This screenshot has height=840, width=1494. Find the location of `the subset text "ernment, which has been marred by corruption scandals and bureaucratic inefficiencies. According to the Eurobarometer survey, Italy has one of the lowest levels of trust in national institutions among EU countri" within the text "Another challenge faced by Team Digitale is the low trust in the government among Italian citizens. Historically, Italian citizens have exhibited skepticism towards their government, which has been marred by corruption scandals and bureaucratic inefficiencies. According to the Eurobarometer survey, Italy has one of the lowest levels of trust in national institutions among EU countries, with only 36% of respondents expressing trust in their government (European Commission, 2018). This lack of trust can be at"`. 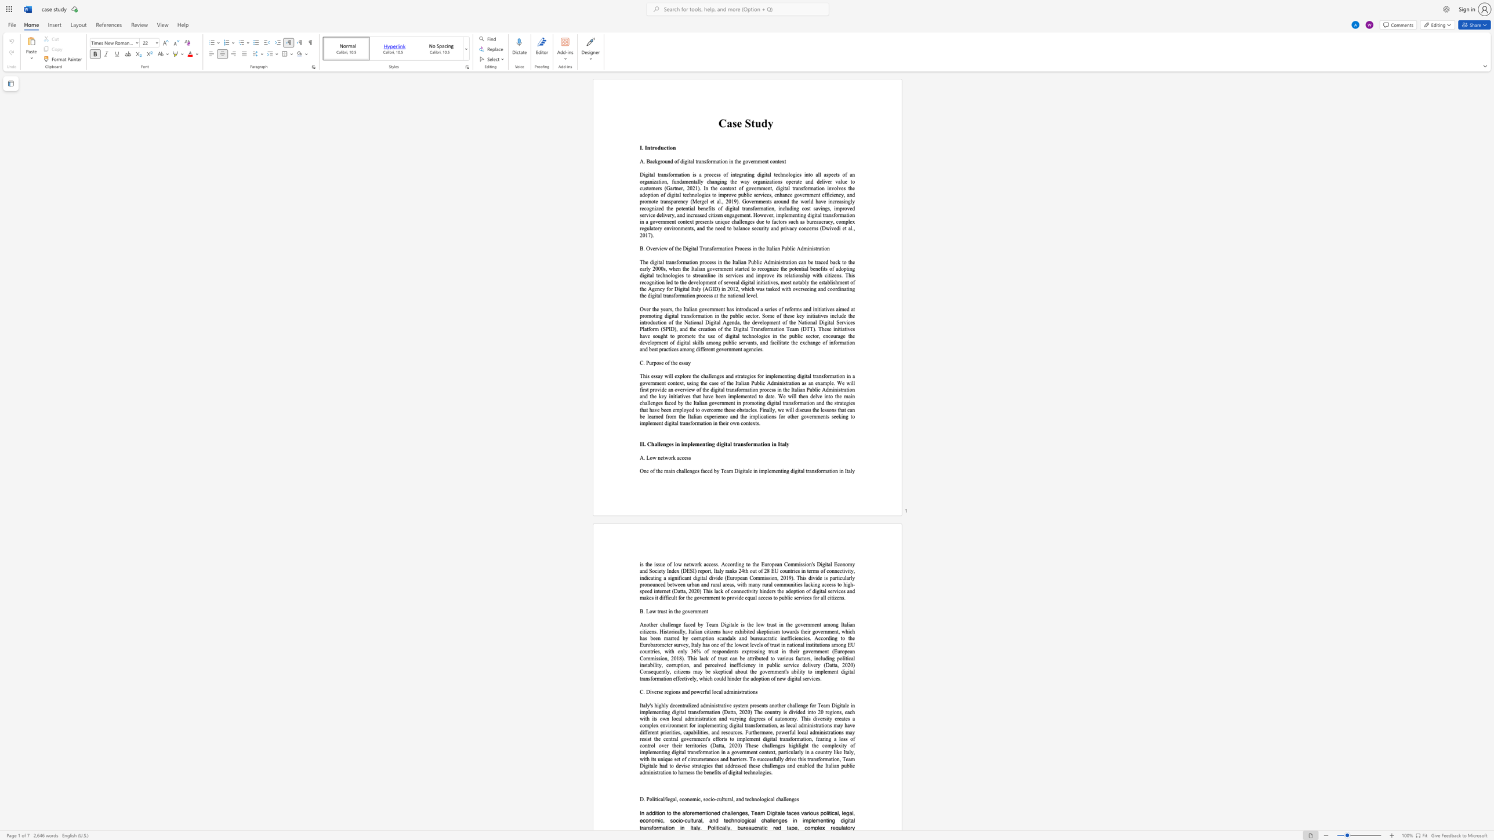

the subset text "ernment, which has been marred by corruption scandals and bureaucratic inefficiencies. According to the Eurobarometer survey, Italy has one of the lowest levels of trust in national institutions among EU countri" within the text "Another challenge faced by Team Digitale is the low trust in the government among Italian citizens. Historically, Italian citizens have exhibited skepticism towards their government, which has been marred by corruption scandals and bureaucratic inefficiencies. According to the Eurobarometer survey, Italy has one of the lowest levels of trust in national institutions among EU countries, with only 36% of respondents expressing trust in their government (European Commission, 2018). This lack of trust can be at" is located at coordinates (821, 631).